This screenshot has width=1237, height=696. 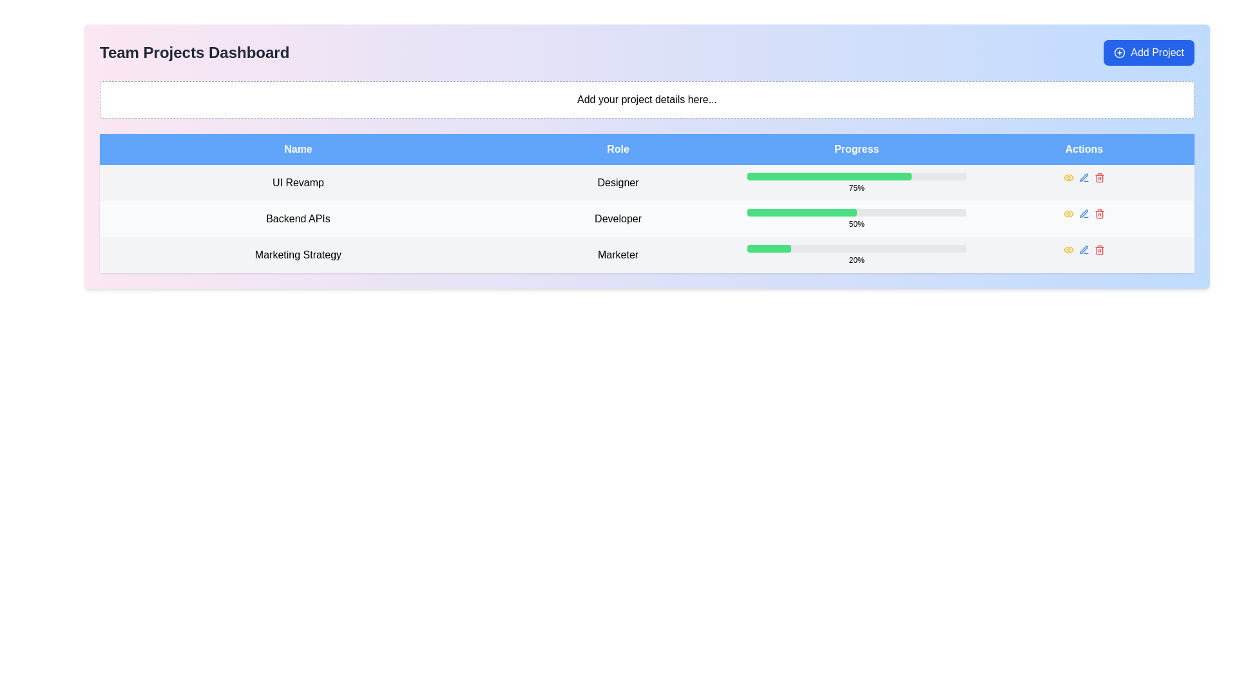 I want to click on the pen icon located in the 'Actions' column for the 'Backend APIs' project entry to initiate editing, so click(x=1083, y=213).